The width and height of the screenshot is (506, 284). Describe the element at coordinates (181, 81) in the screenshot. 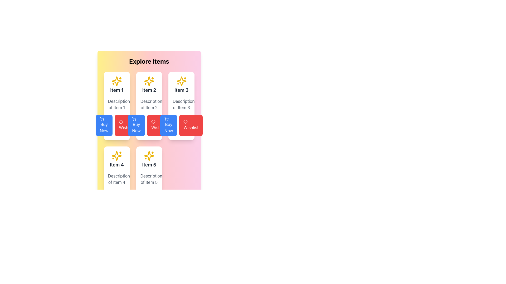

I see `the yellow star-shaped icon with sparkles located at the top-center of the card labeled 'Item 3'` at that location.